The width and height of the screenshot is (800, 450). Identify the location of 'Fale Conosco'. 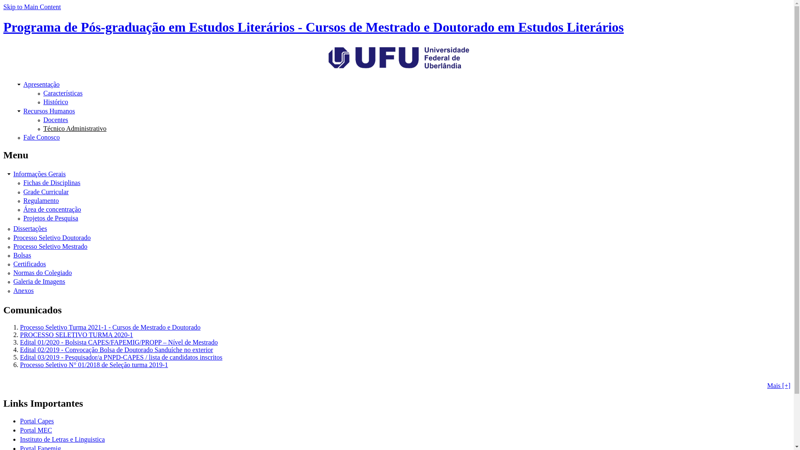
(23, 137).